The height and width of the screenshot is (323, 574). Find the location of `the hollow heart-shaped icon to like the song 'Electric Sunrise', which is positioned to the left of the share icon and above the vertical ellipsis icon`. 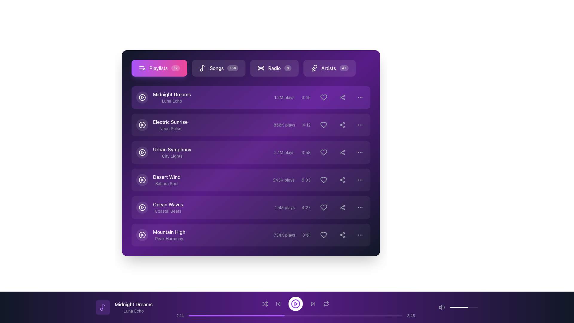

the hollow heart-shaped icon to like the song 'Electric Sunrise', which is positioned to the left of the share icon and above the vertical ellipsis icon is located at coordinates (323, 124).